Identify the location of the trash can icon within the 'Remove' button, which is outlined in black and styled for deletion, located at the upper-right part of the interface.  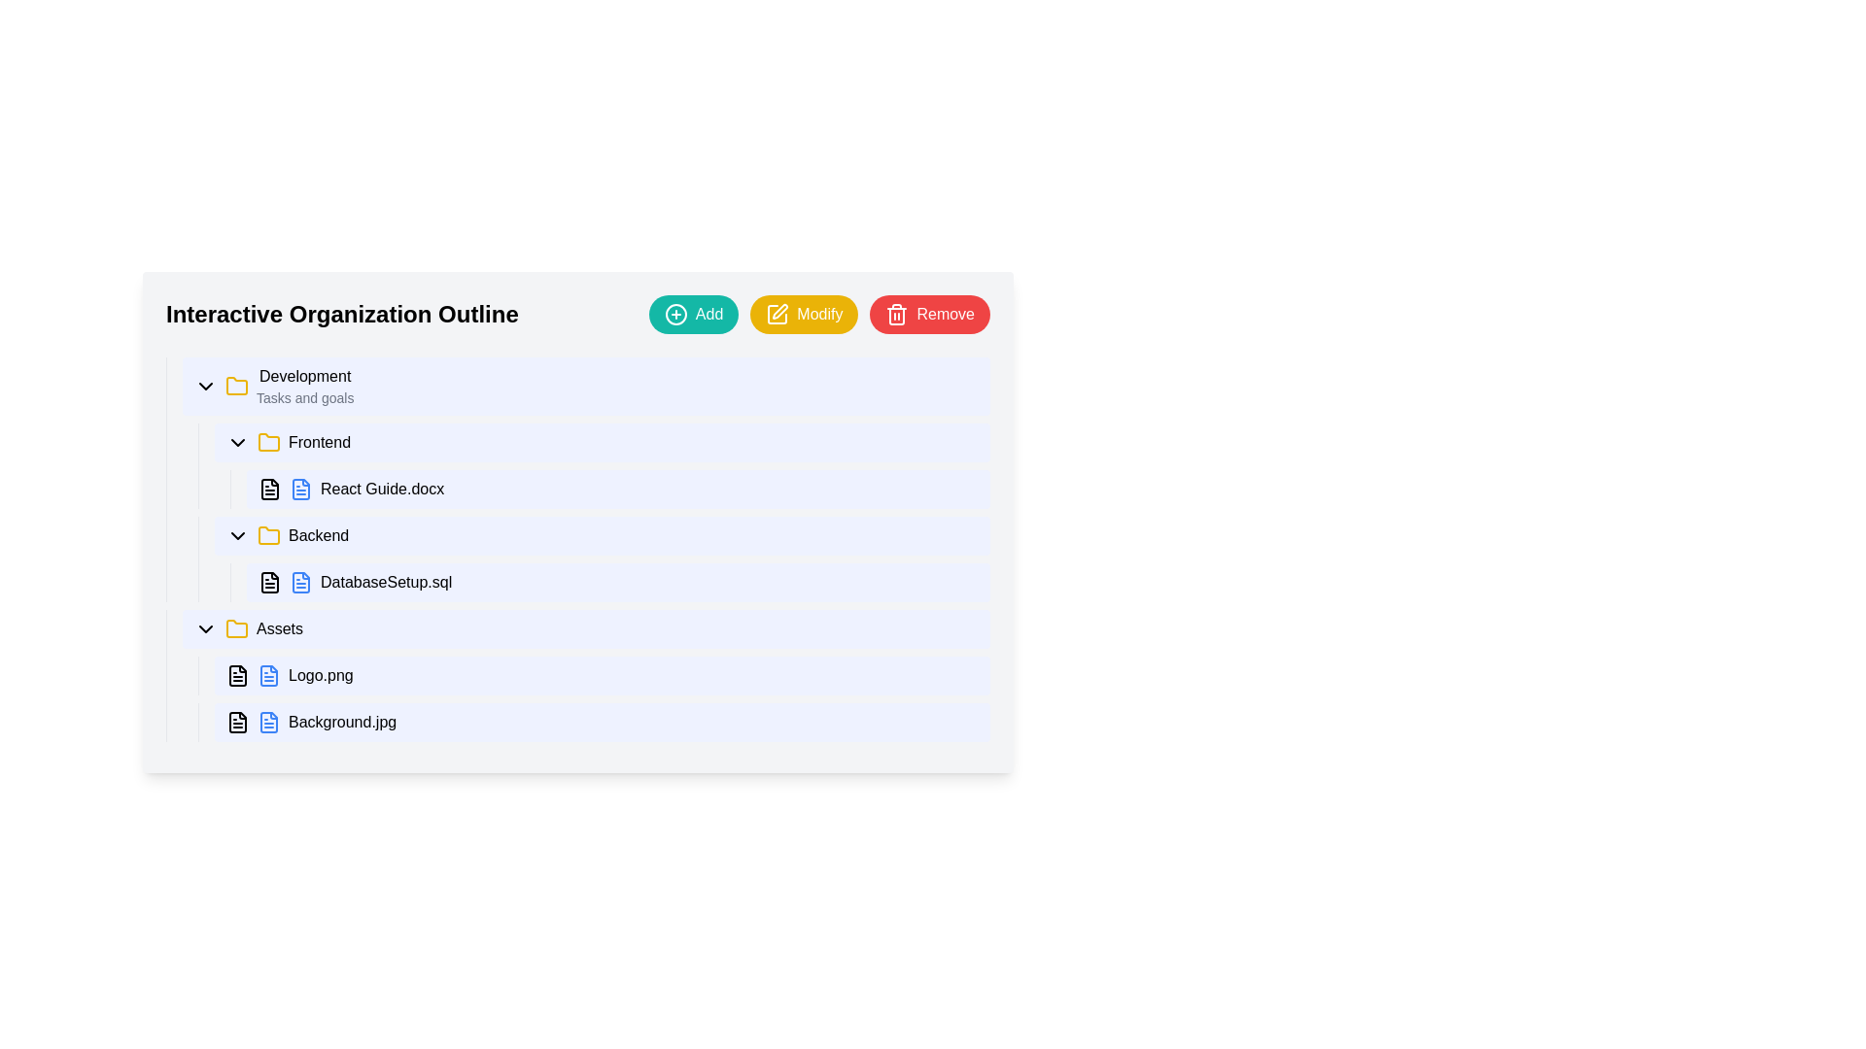
(896, 314).